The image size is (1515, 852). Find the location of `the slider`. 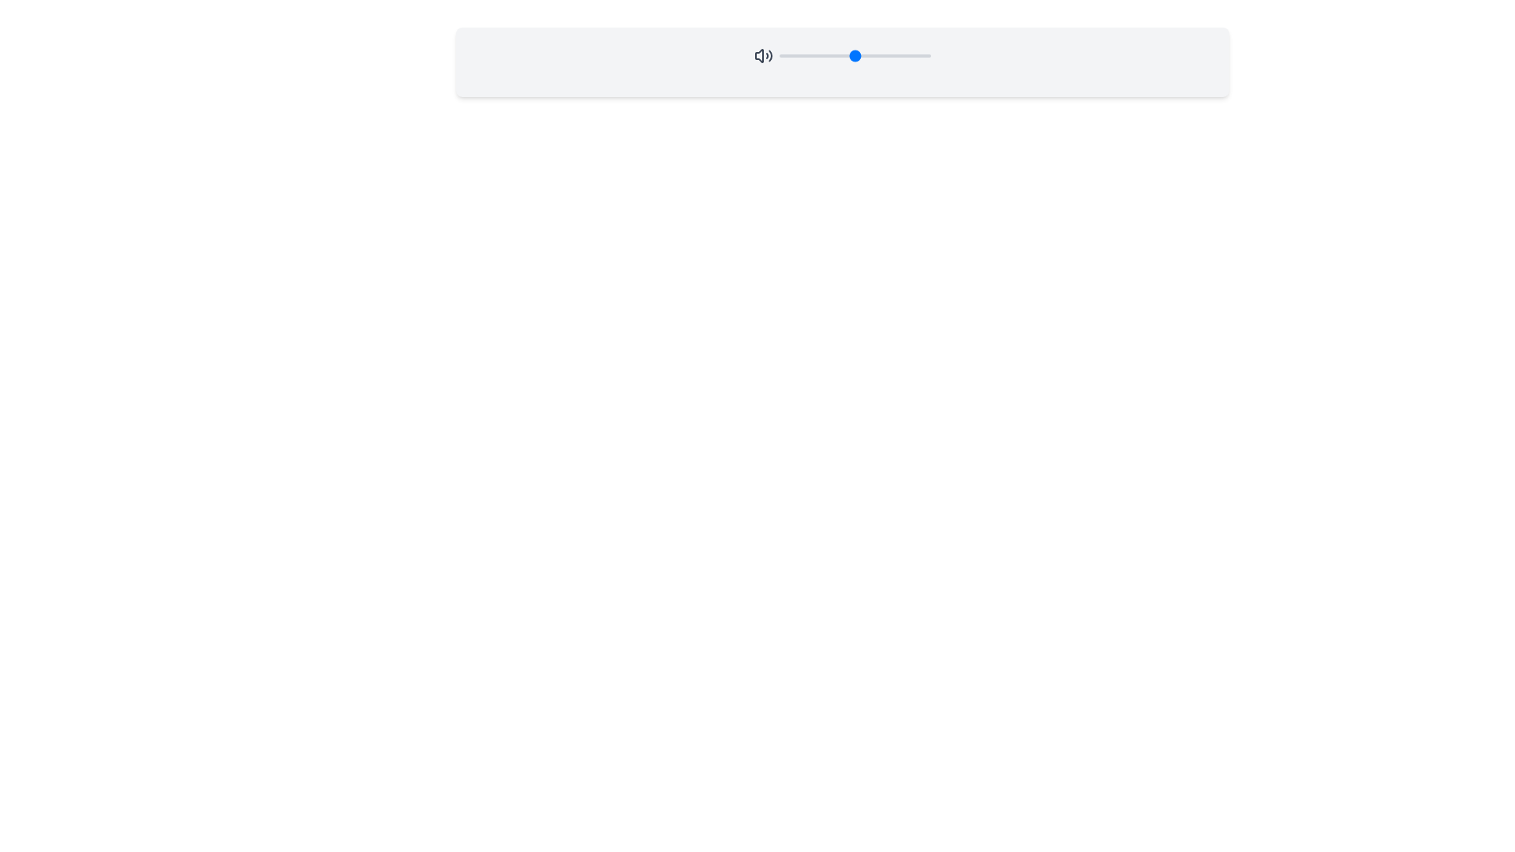

the slider is located at coordinates (788, 54).